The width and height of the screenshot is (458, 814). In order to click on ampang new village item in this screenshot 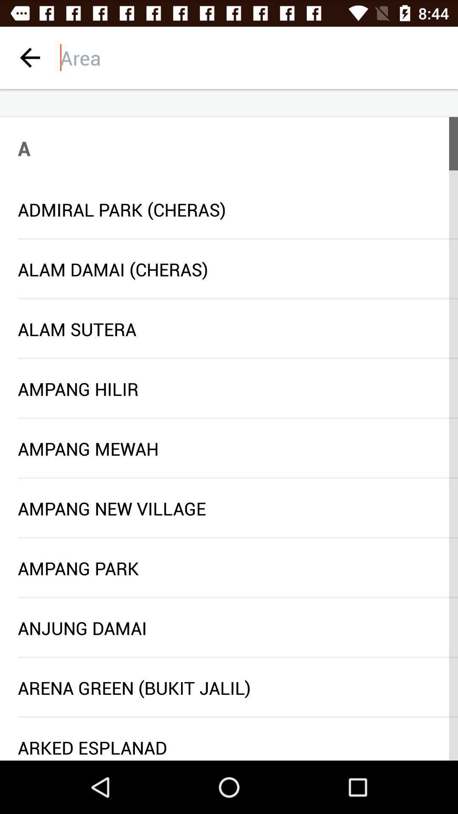, I will do `click(229, 508)`.